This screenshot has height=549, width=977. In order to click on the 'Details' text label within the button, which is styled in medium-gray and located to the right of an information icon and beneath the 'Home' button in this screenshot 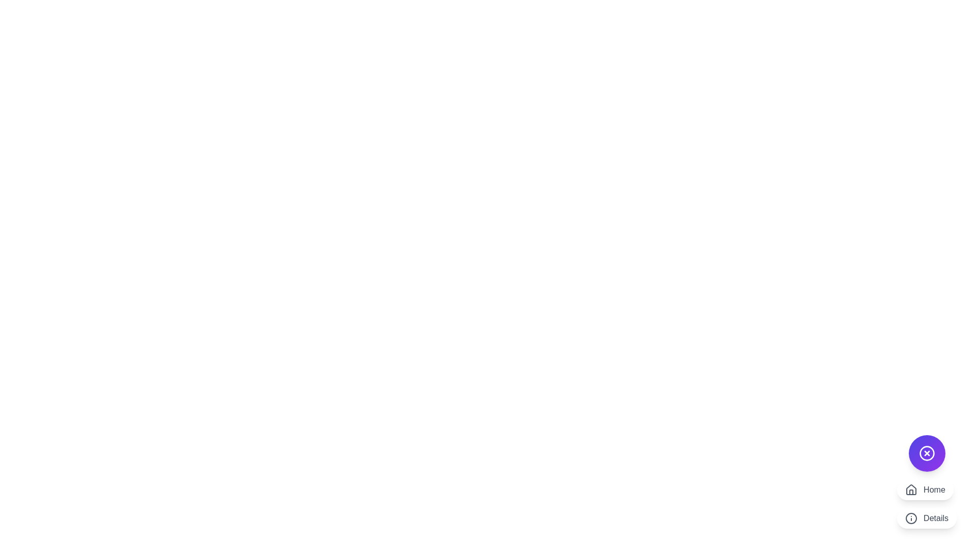, I will do `click(936, 518)`.